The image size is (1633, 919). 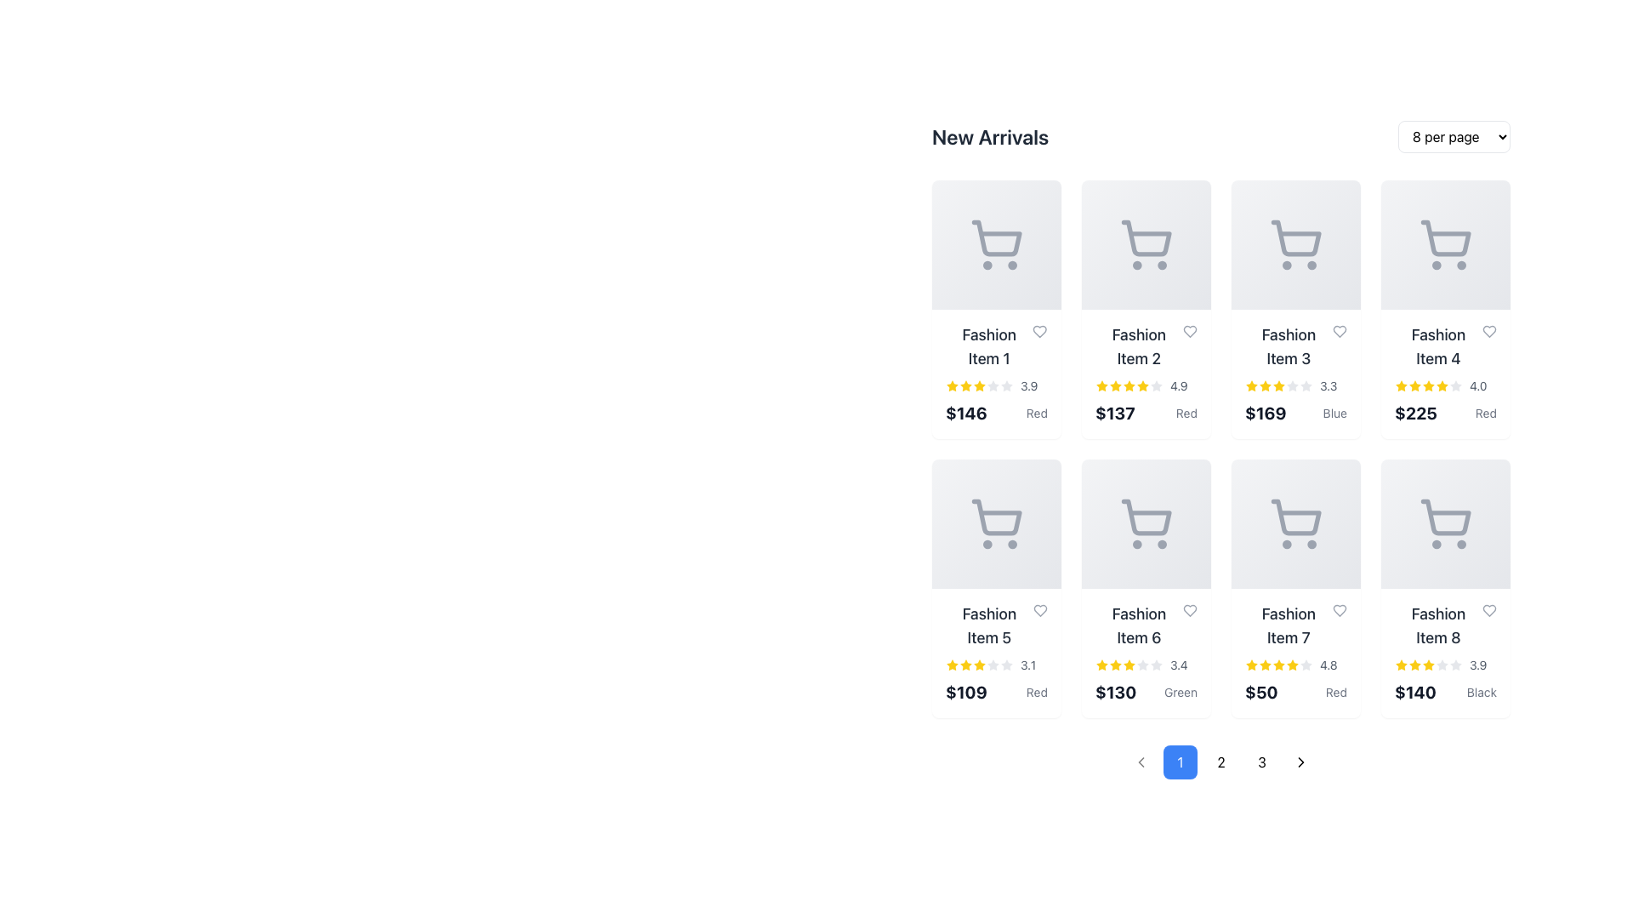 I want to click on text content of the product title label that displays 'Fashion Item 1', located under the shopping cart icon and to the left of the heart icon in the New Arrivals section, so click(x=996, y=346).